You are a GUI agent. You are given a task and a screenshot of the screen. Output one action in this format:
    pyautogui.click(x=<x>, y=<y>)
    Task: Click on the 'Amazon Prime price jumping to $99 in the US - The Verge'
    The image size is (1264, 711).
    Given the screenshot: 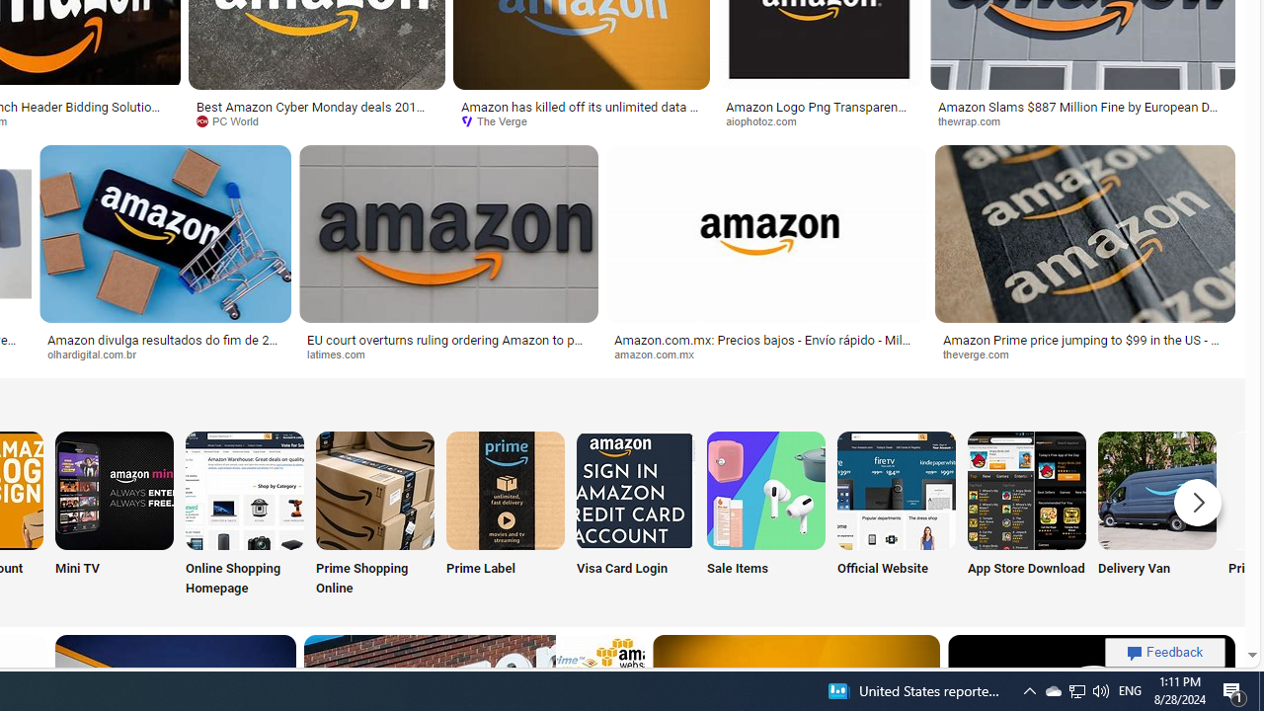 What is the action you would take?
    pyautogui.click(x=1083, y=346)
    